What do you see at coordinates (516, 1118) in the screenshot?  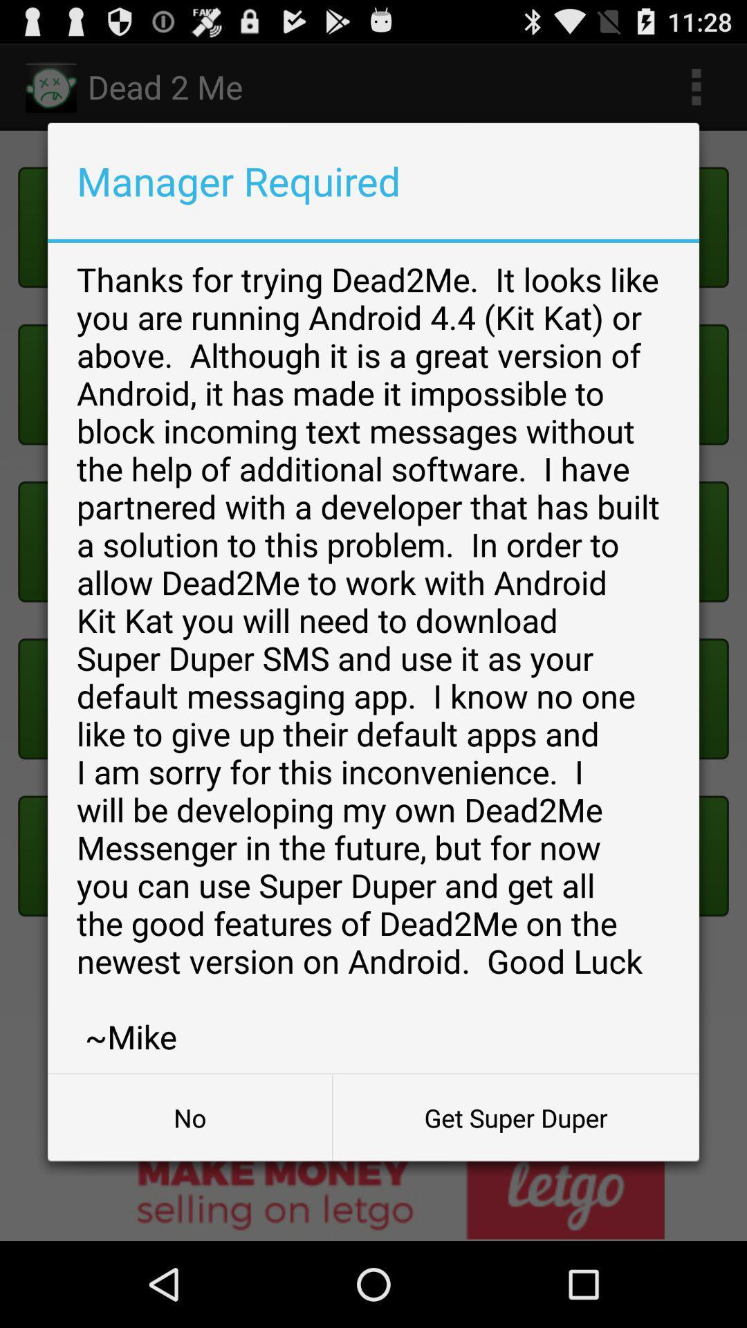 I see `icon to the right of the no button` at bounding box center [516, 1118].